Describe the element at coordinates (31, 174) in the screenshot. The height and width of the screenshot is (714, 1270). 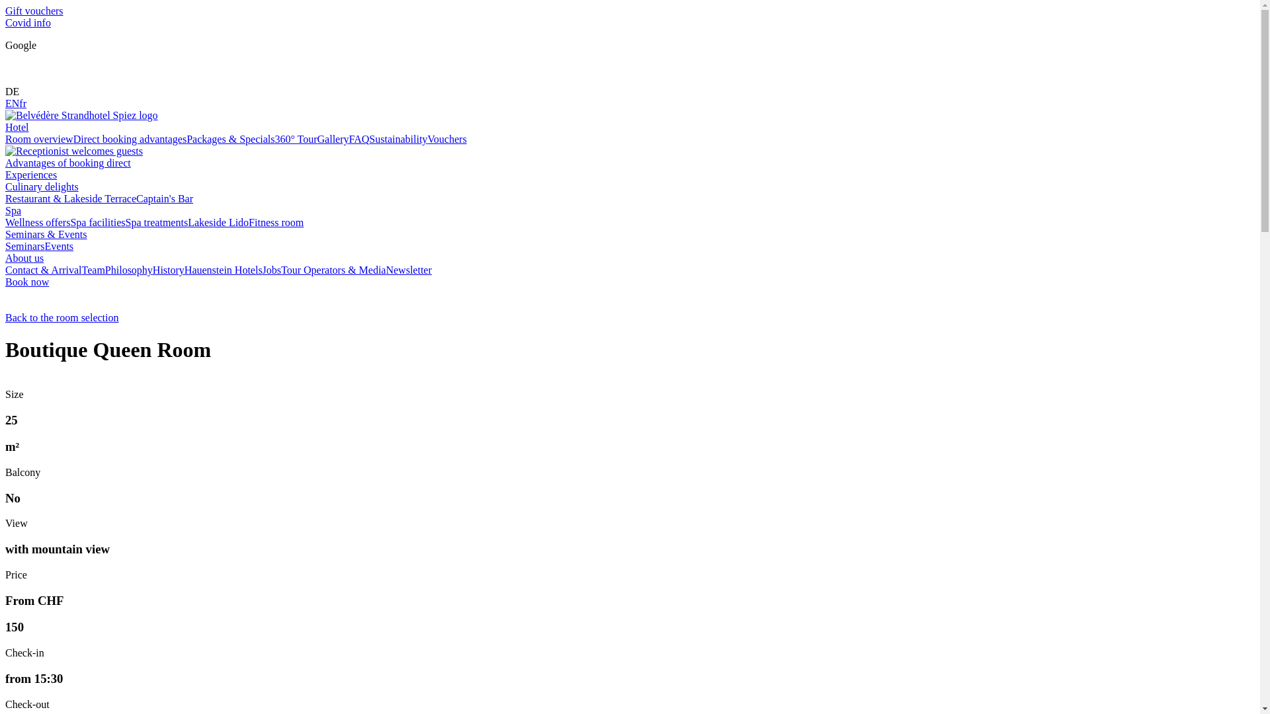
I see `'Experiences'` at that location.